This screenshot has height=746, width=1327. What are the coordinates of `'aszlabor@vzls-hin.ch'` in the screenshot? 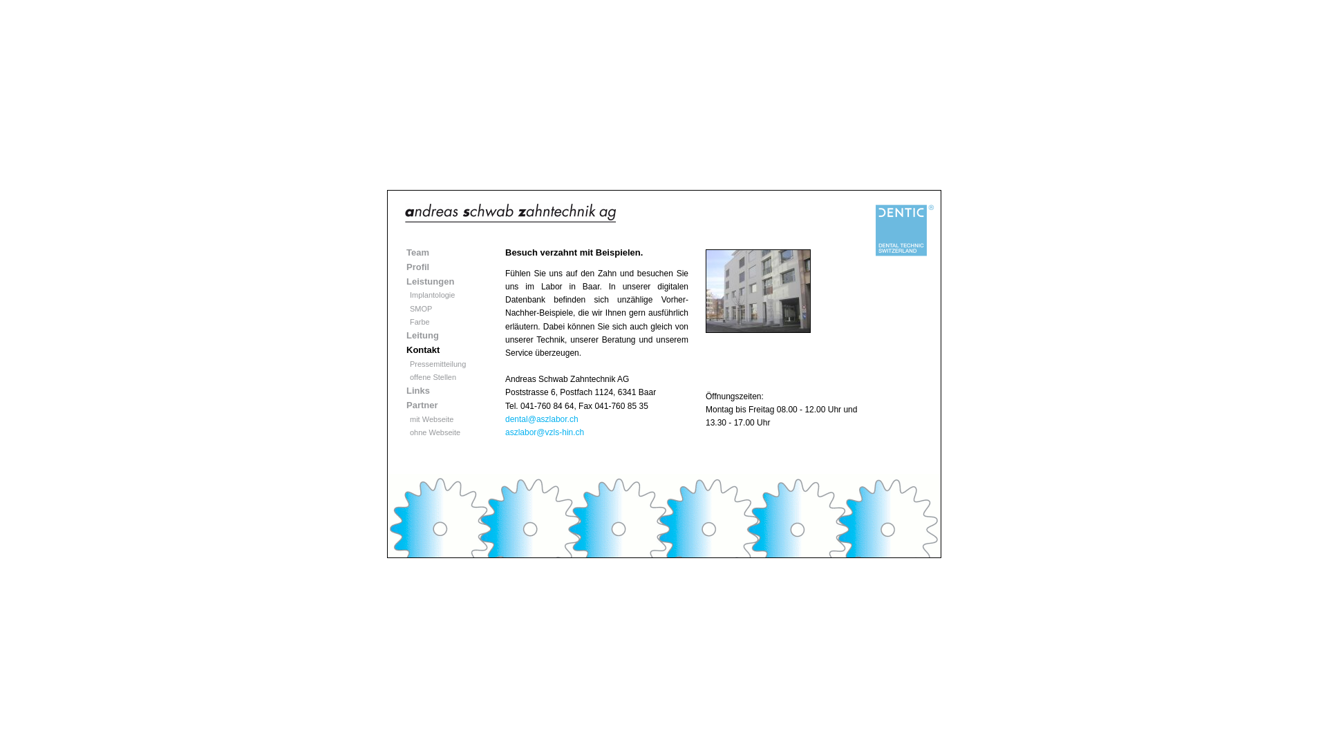 It's located at (543, 431).